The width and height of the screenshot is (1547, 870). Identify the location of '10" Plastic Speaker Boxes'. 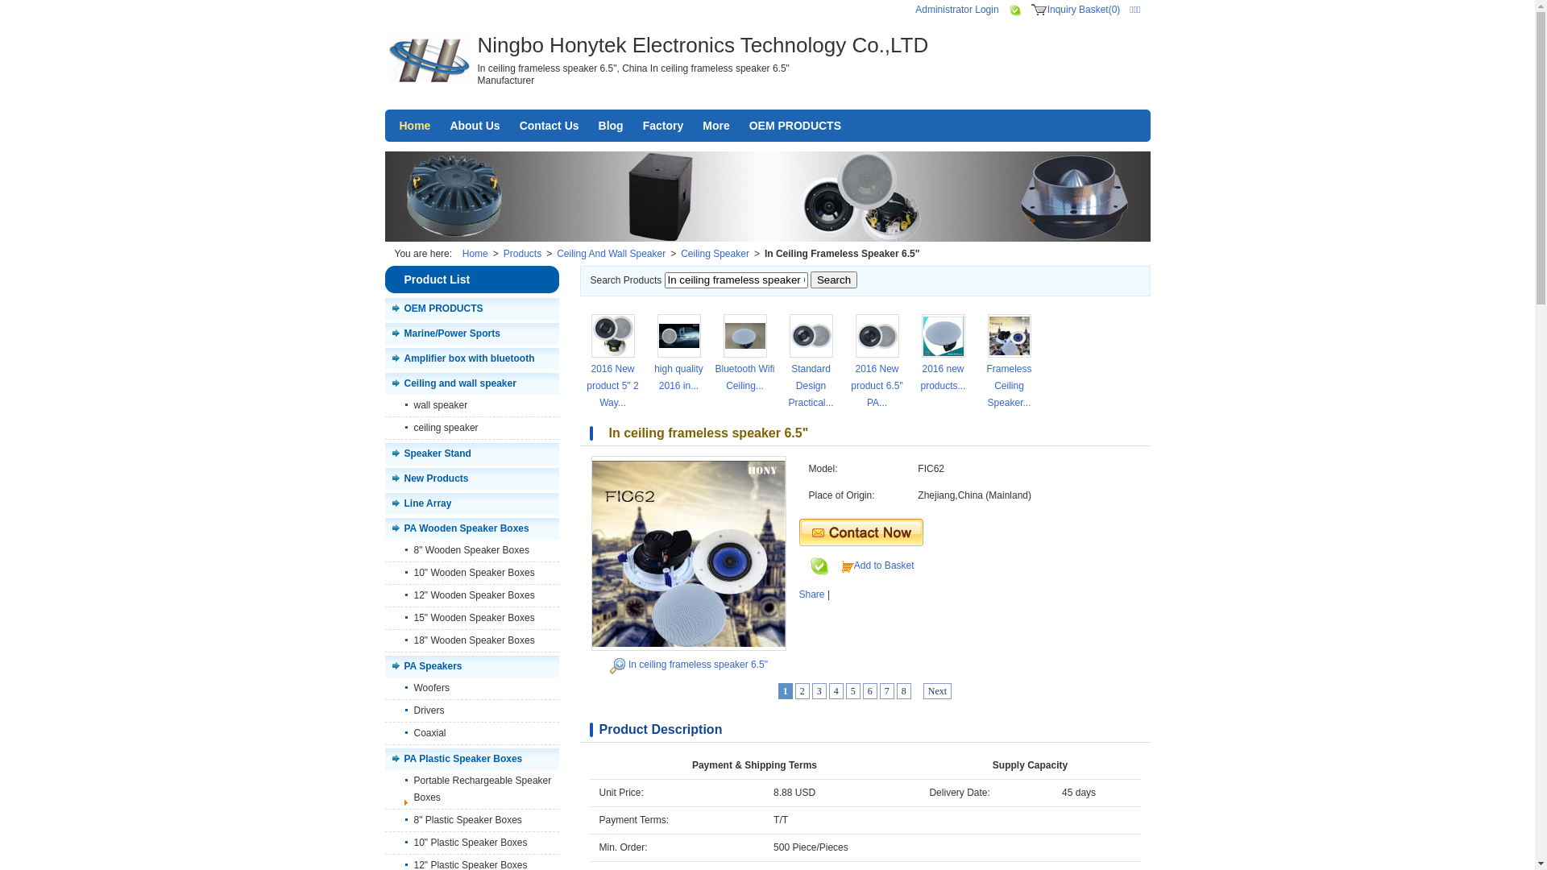
(471, 842).